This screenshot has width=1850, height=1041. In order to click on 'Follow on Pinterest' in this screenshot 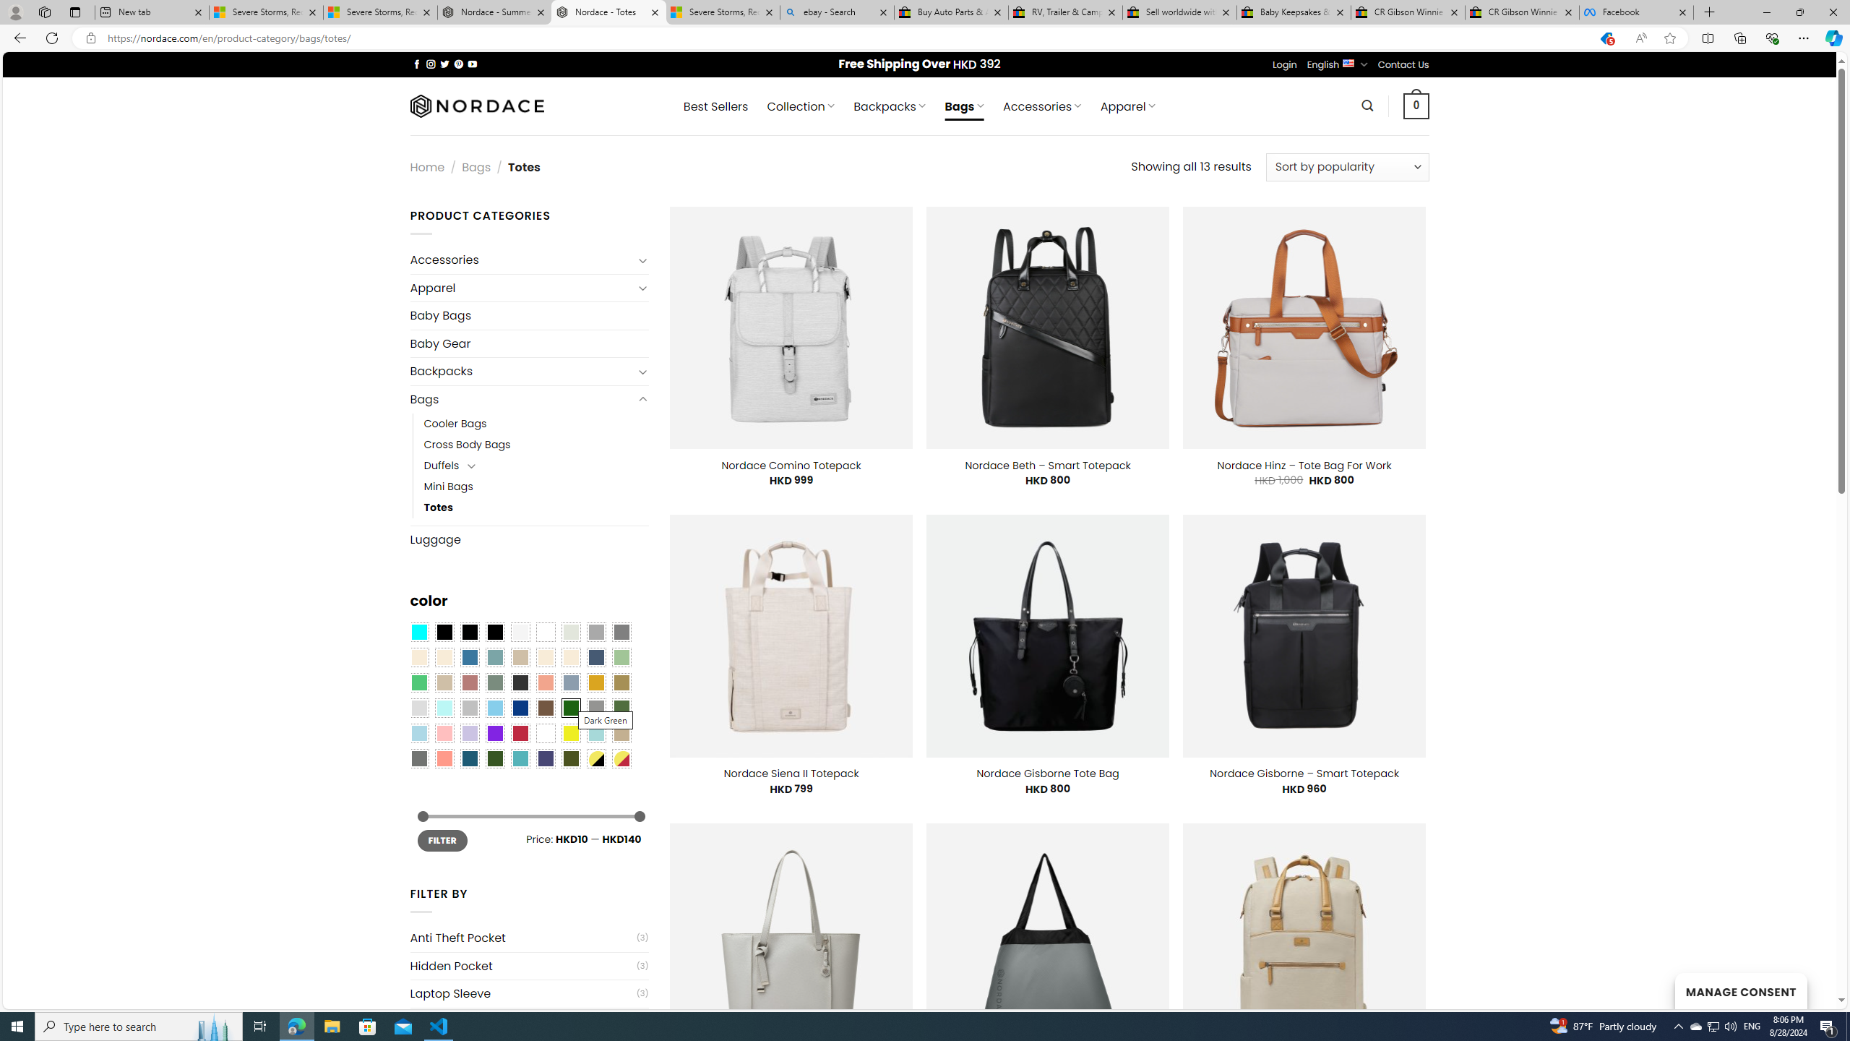, I will do `click(457, 64)`.